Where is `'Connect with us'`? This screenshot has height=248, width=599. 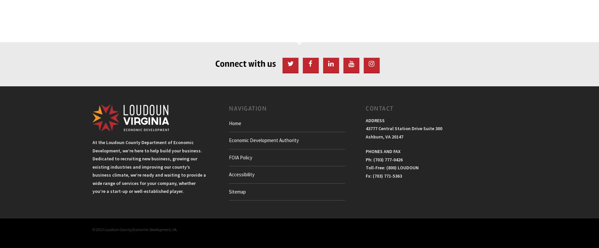 'Connect with us' is located at coordinates (246, 63).